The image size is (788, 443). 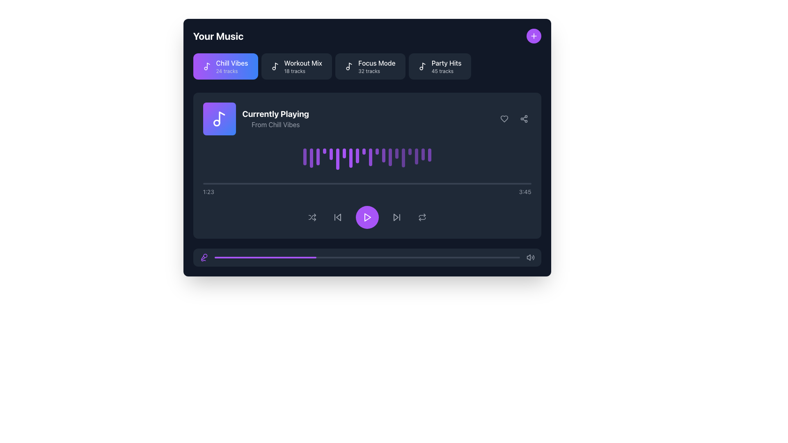 What do you see at coordinates (367, 217) in the screenshot?
I see `the play/pause button located at the bottom section of the music player interface` at bounding box center [367, 217].